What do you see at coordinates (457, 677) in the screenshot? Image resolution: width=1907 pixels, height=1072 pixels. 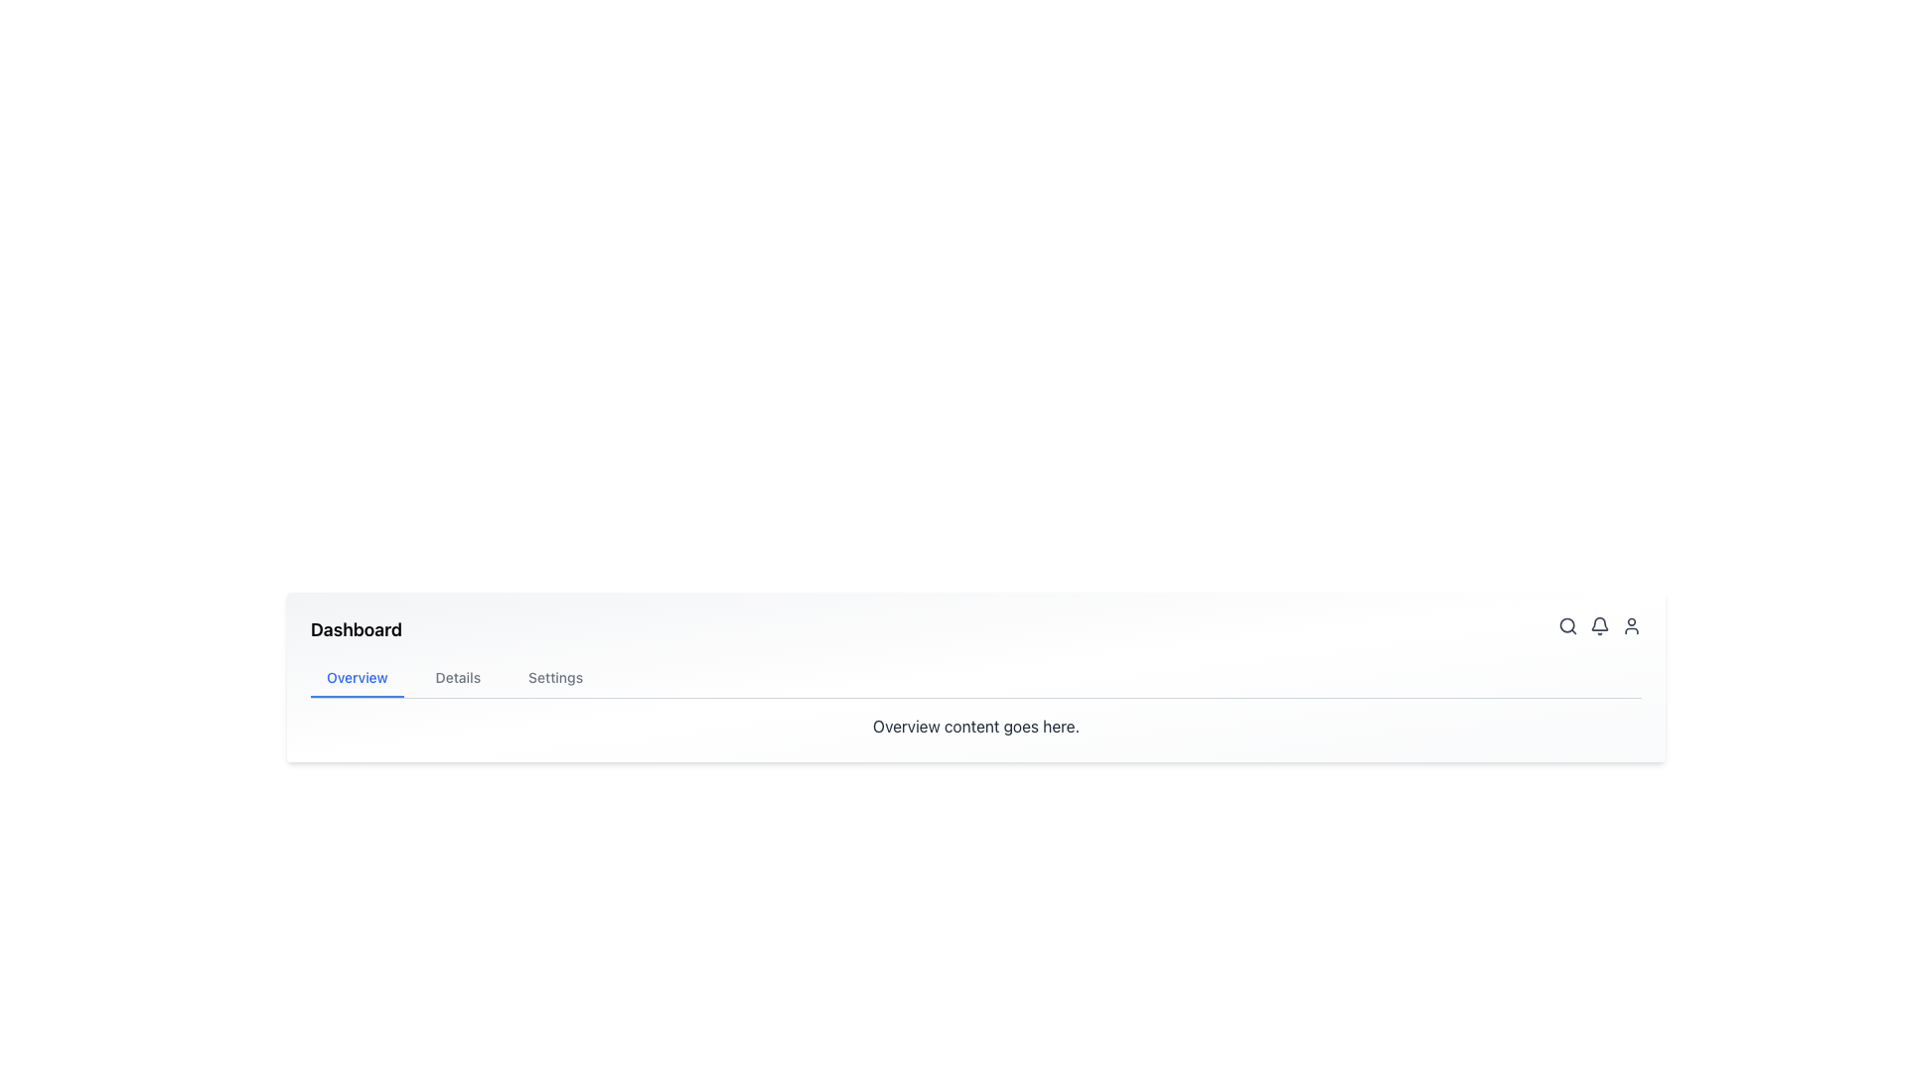 I see `the 'Details' navigation tab, the second item in the row of three tabs beneath the 'Dashboard' header` at bounding box center [457, 677].